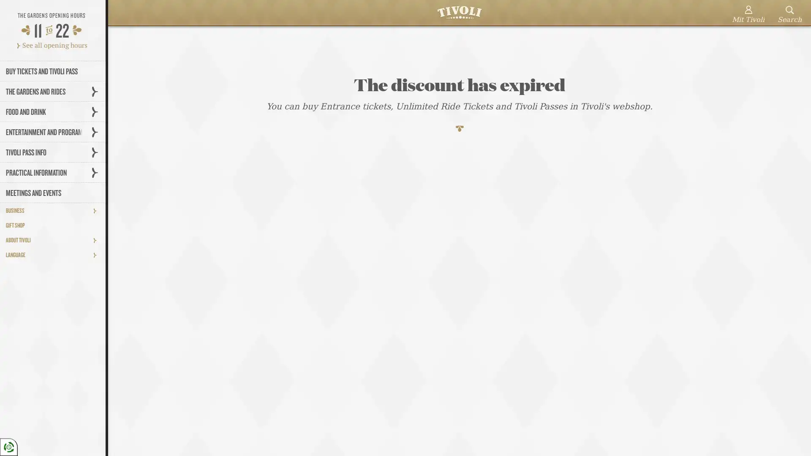  I want to click on Business, so click(97, 210).